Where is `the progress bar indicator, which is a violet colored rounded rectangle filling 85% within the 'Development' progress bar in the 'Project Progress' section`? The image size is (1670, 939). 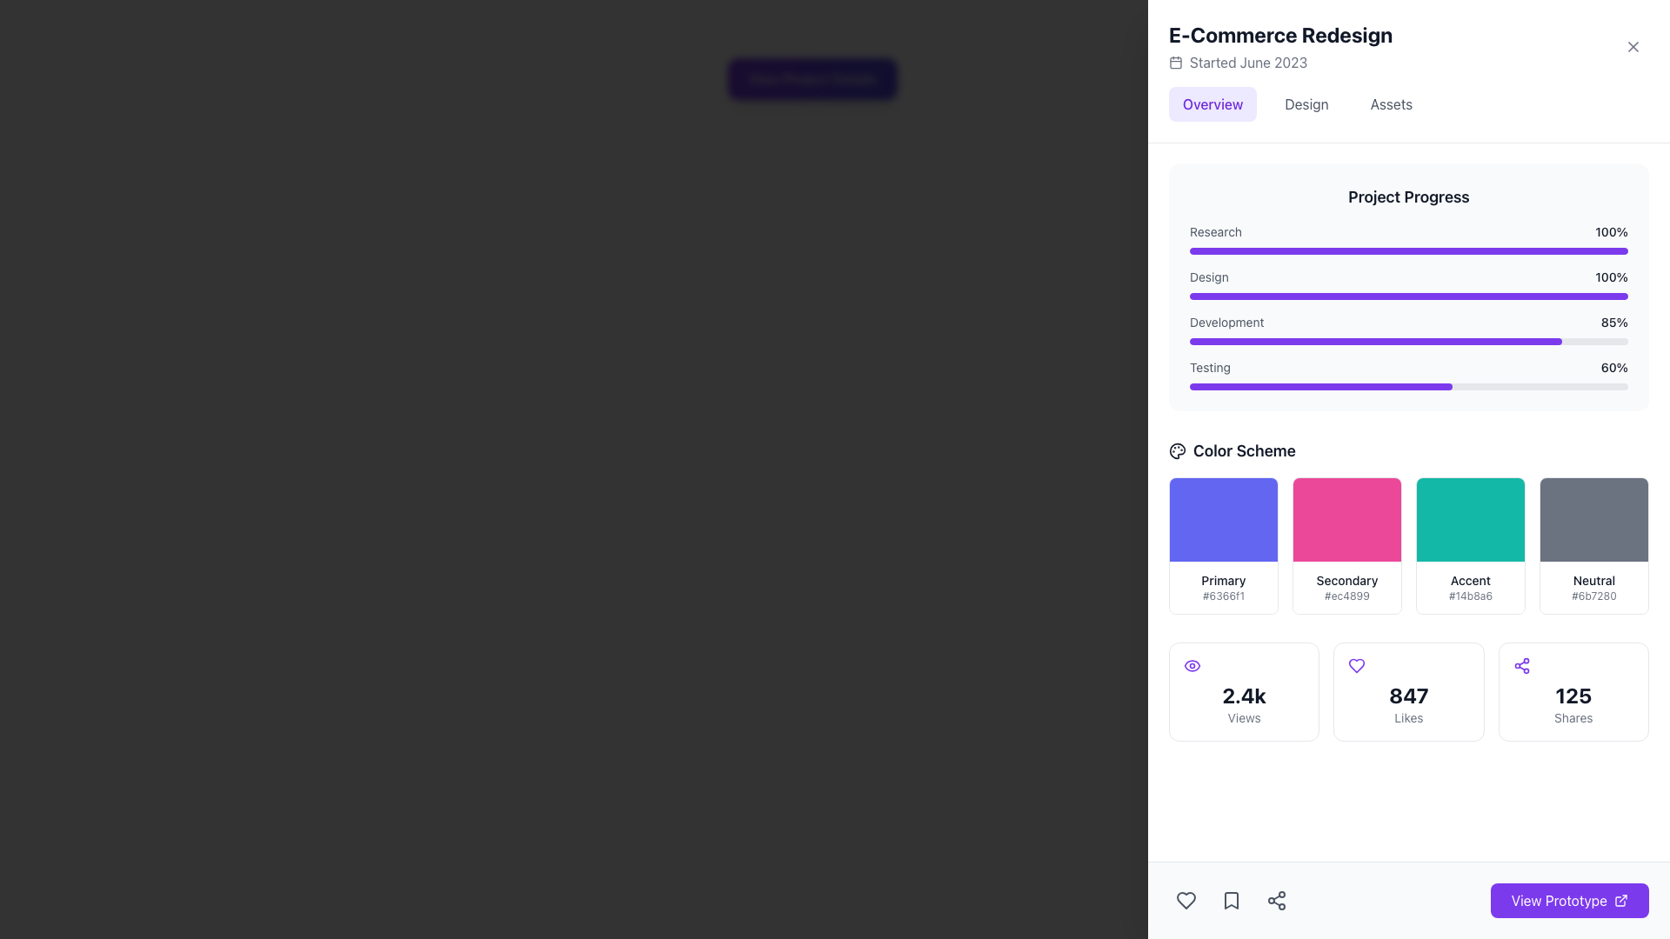 the progress bar indicator, which is a violet colored rounded rectangle filling 85% within the 'Development' progress bar in the 'Project Progress' section is located at coordinates (1375, 342).